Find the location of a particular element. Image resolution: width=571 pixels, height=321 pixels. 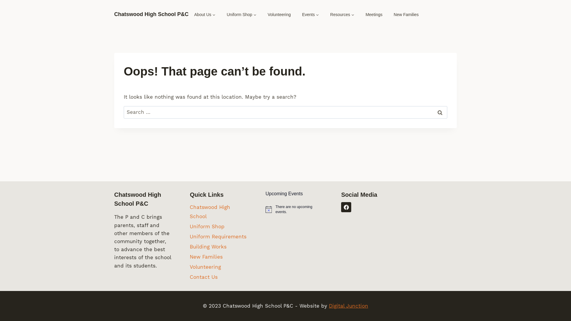

'About Us' is located at coordinates (205, 14).